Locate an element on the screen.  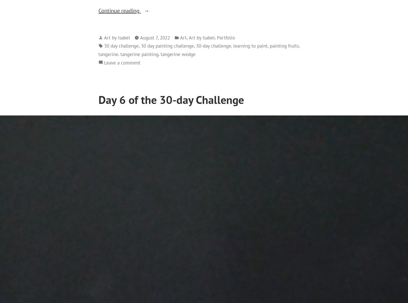
'Leave a comment' is located at coordinates (104, 62).